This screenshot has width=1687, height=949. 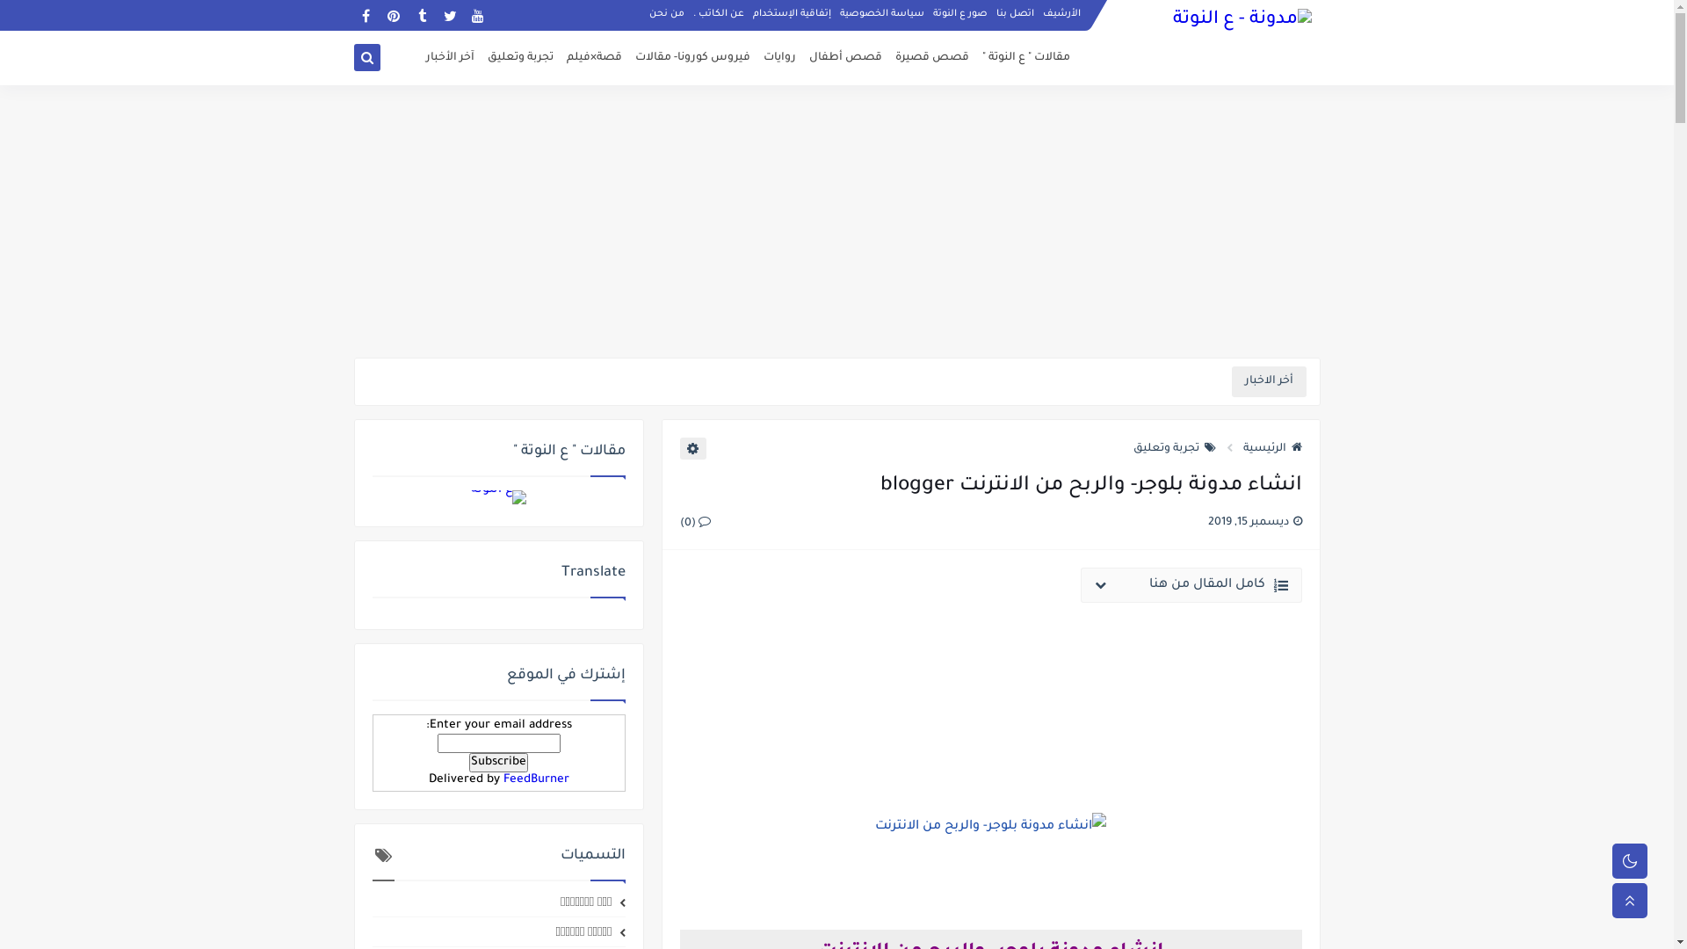 I want to click on 'Subscribe', so click(x=497, y=761).